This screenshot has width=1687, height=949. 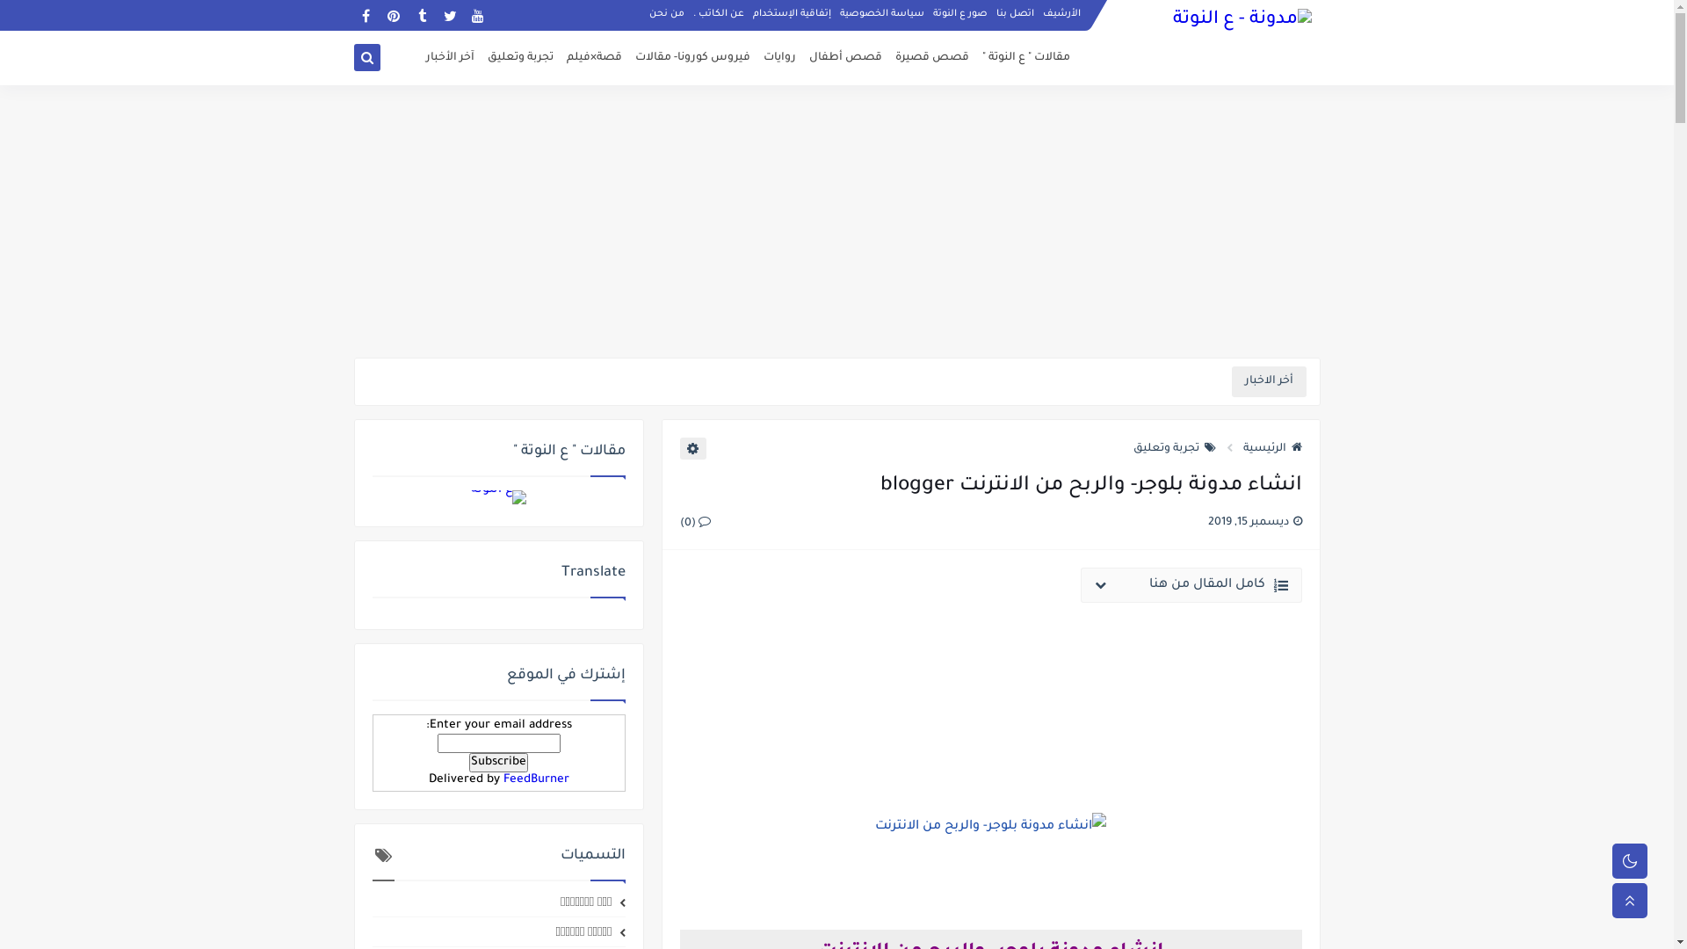 I want to click on 'Subscribe', so click(x=497, y=761).